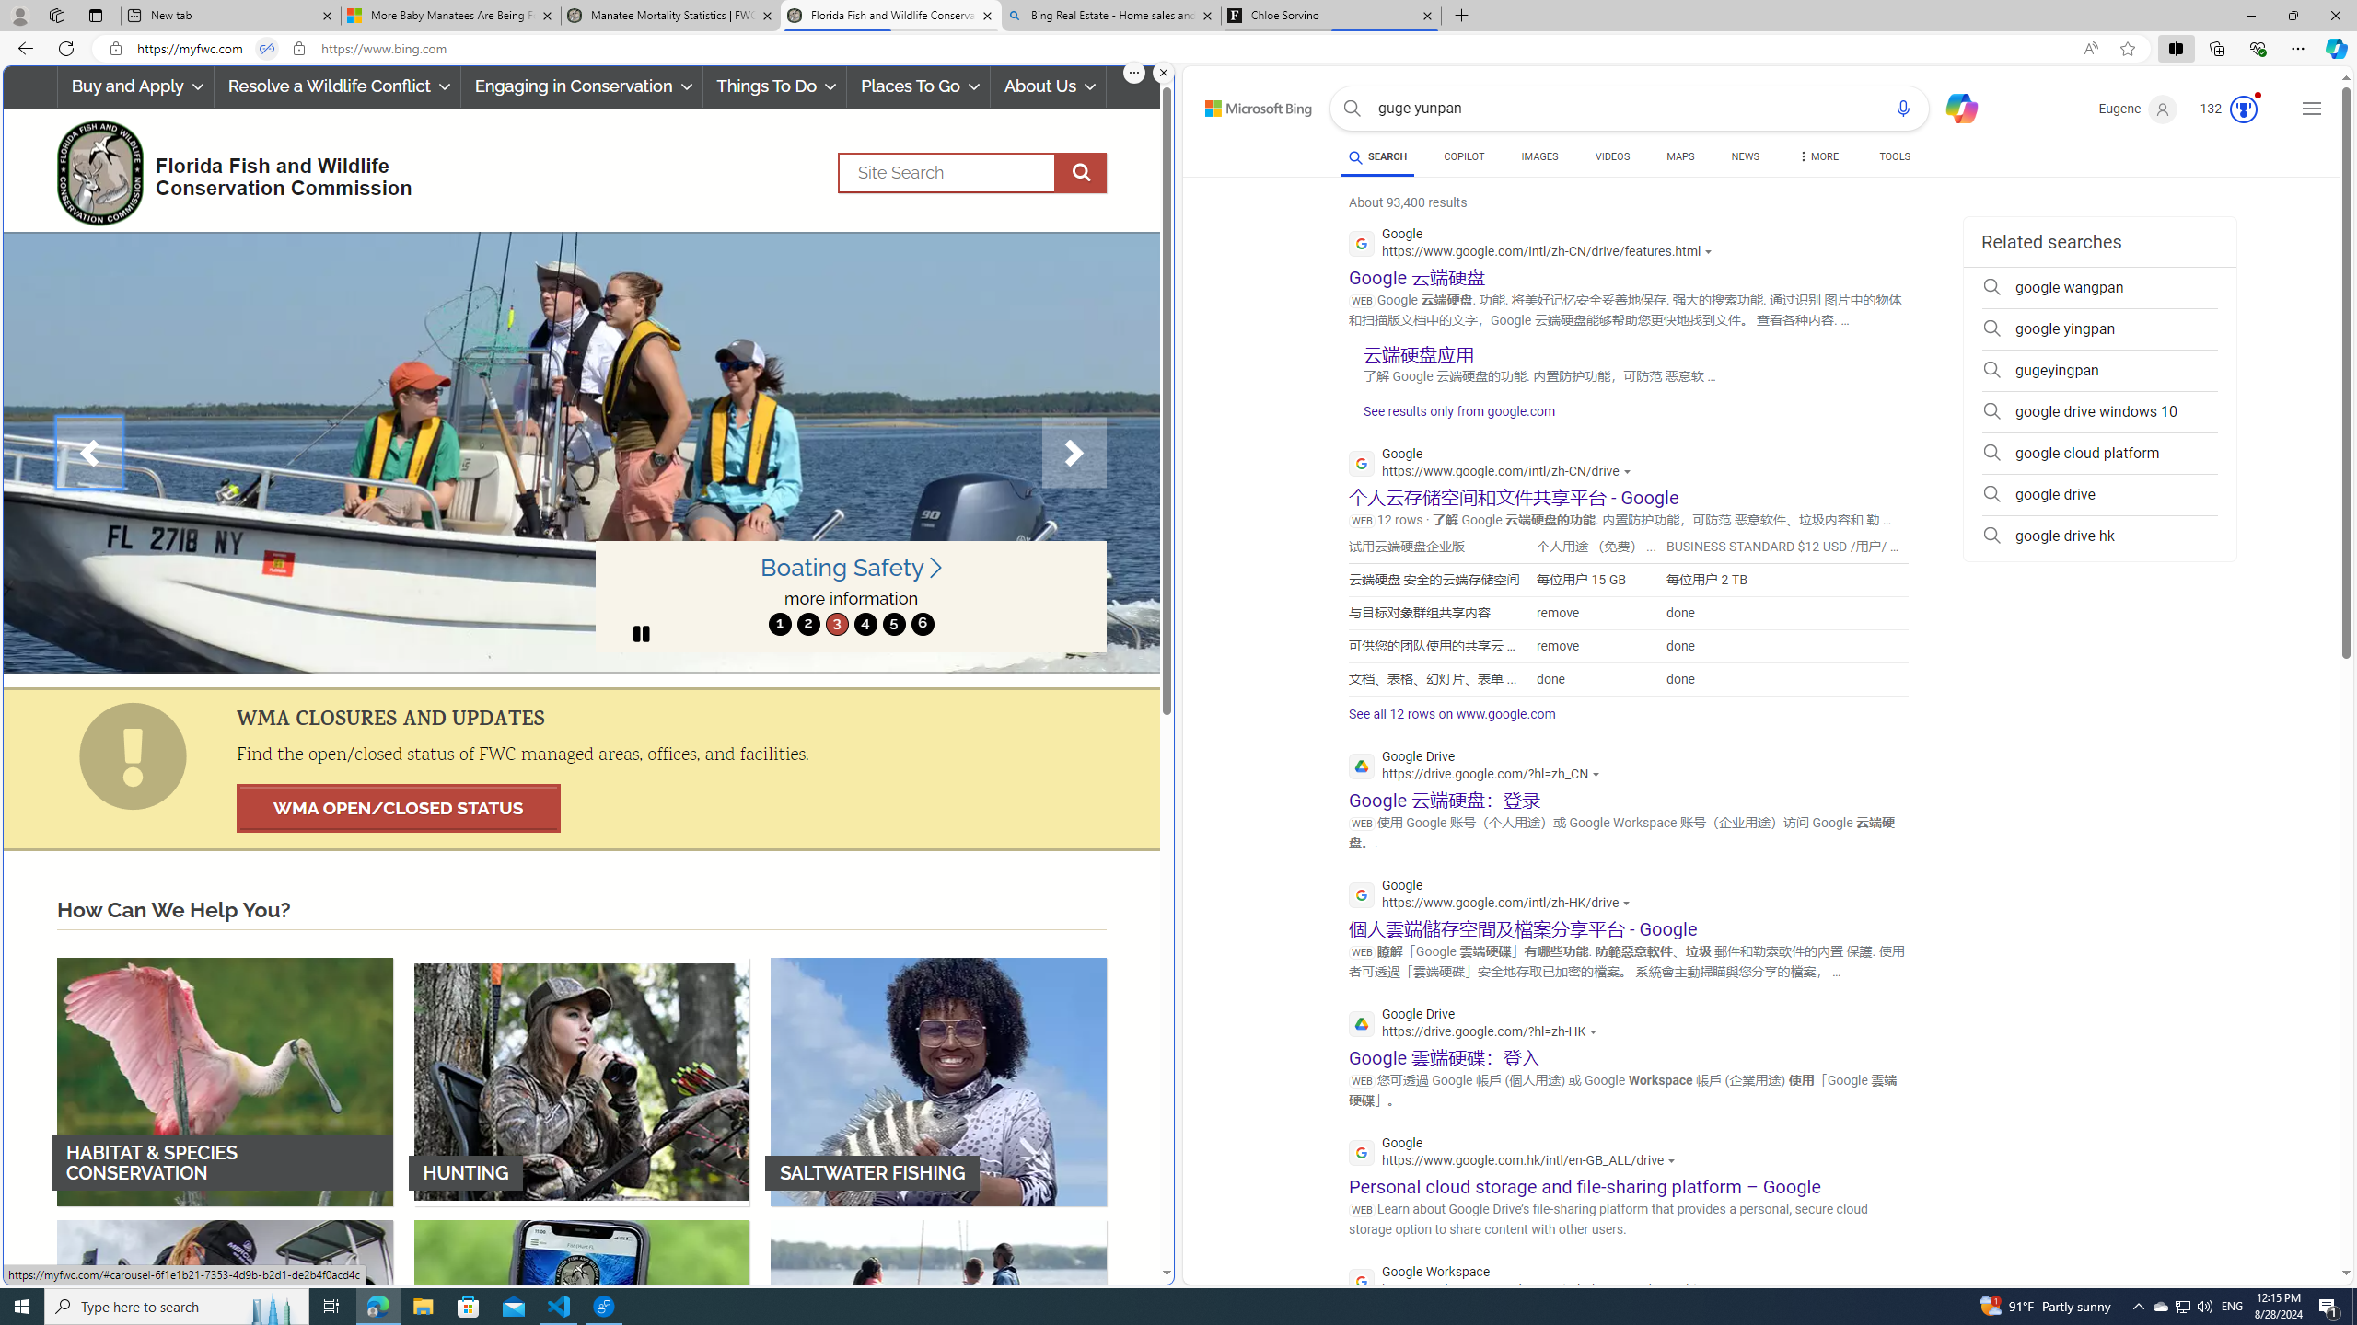  Describe the element at coordinates (337, 86) in the screenshot. I see `'Resolve a Wildlife Conflict'` at that location.